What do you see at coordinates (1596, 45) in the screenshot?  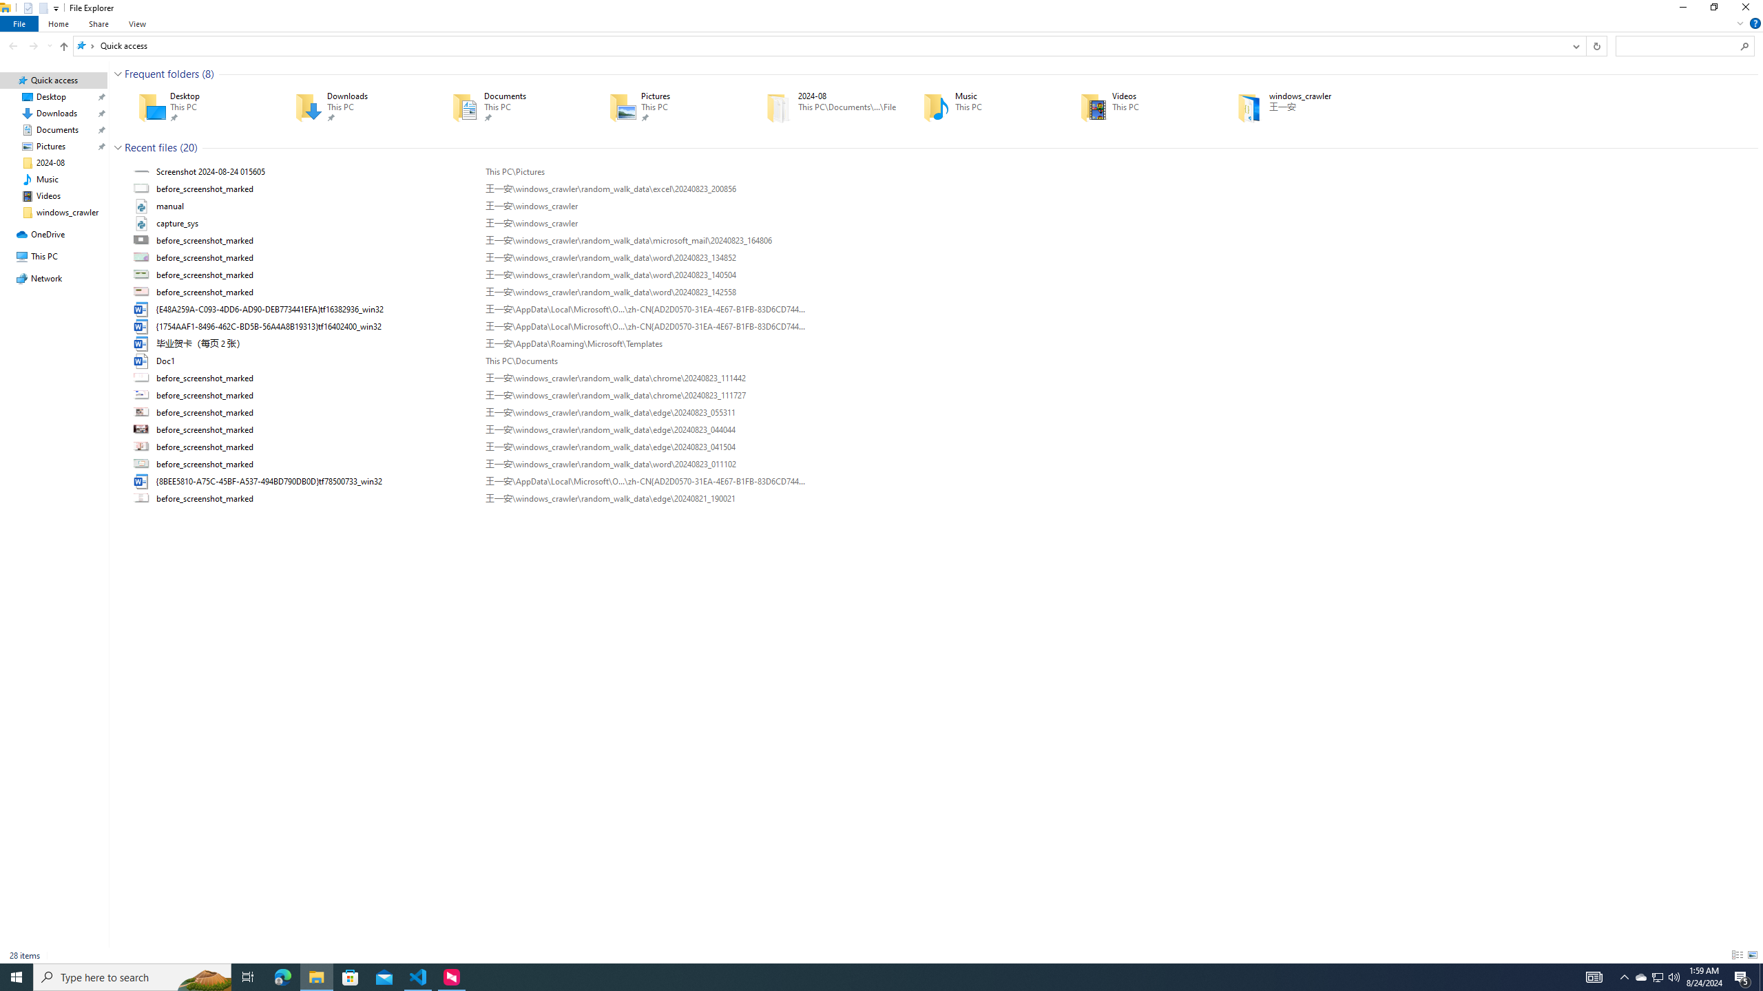 I see `'Refresh "Quick access" (F5)'` at bounding box center [1596, 45].